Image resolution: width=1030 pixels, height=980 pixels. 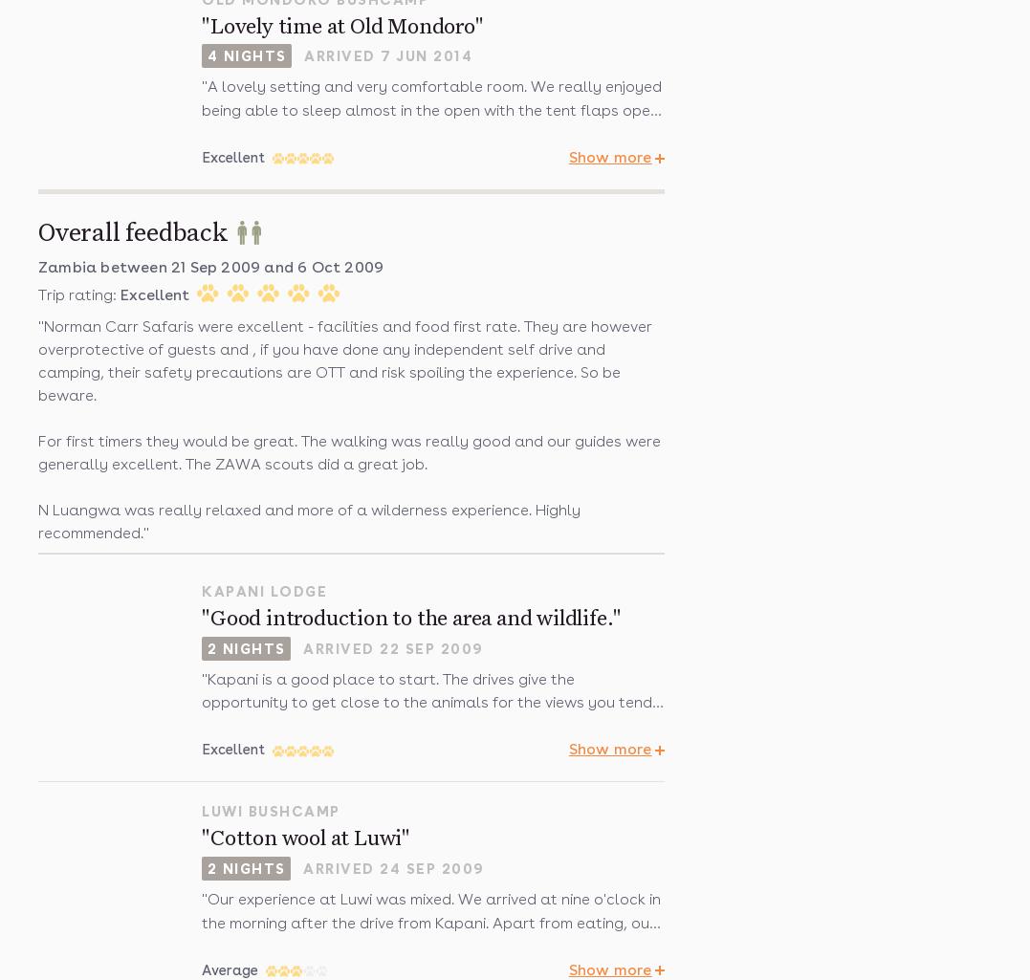 I want to click on '"Good introduction to the area and wildlife."', so click(x=410, y=619).